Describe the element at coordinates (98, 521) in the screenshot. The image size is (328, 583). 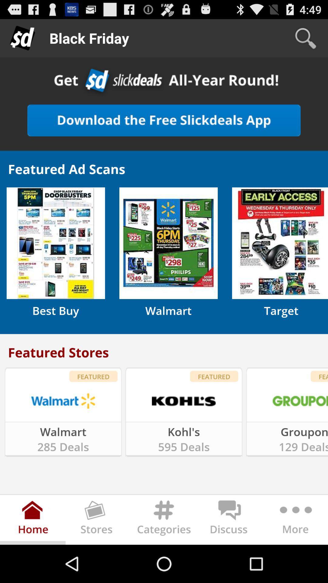
I see `stores page` at that location.